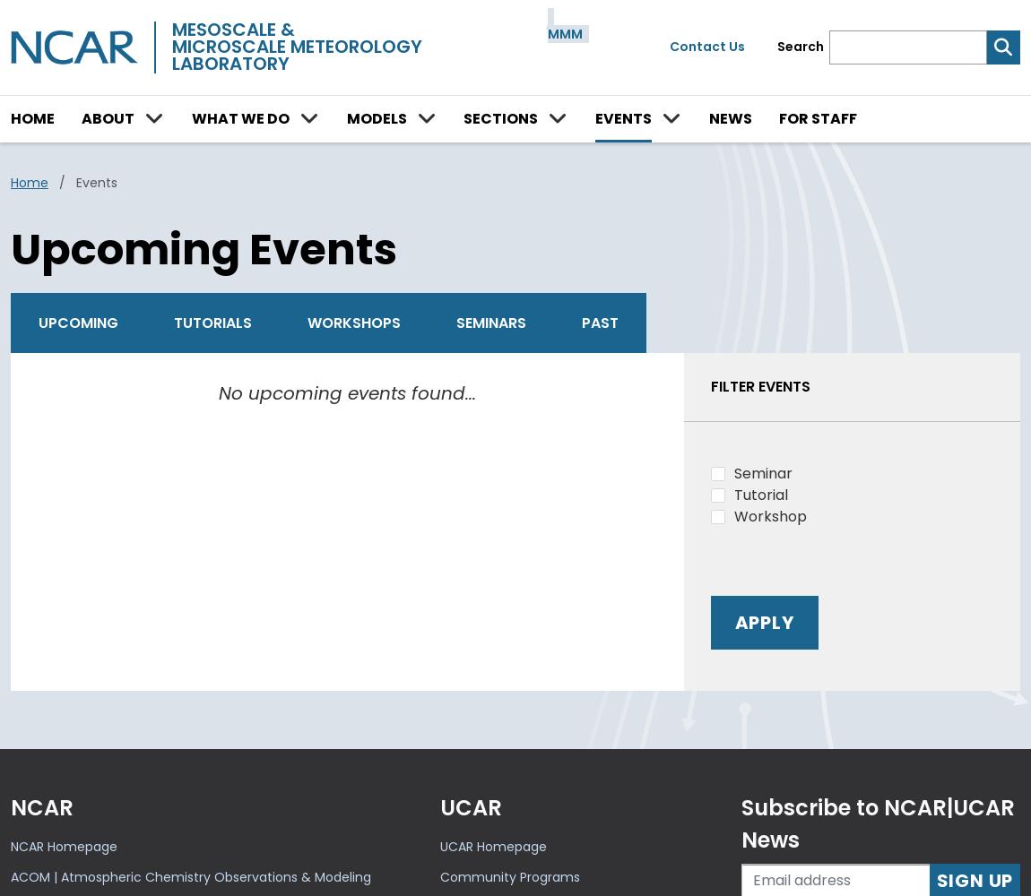 The width and height of the screenshot is (1031, 896). I want to click on 'Tutorials', so click(212, 321).